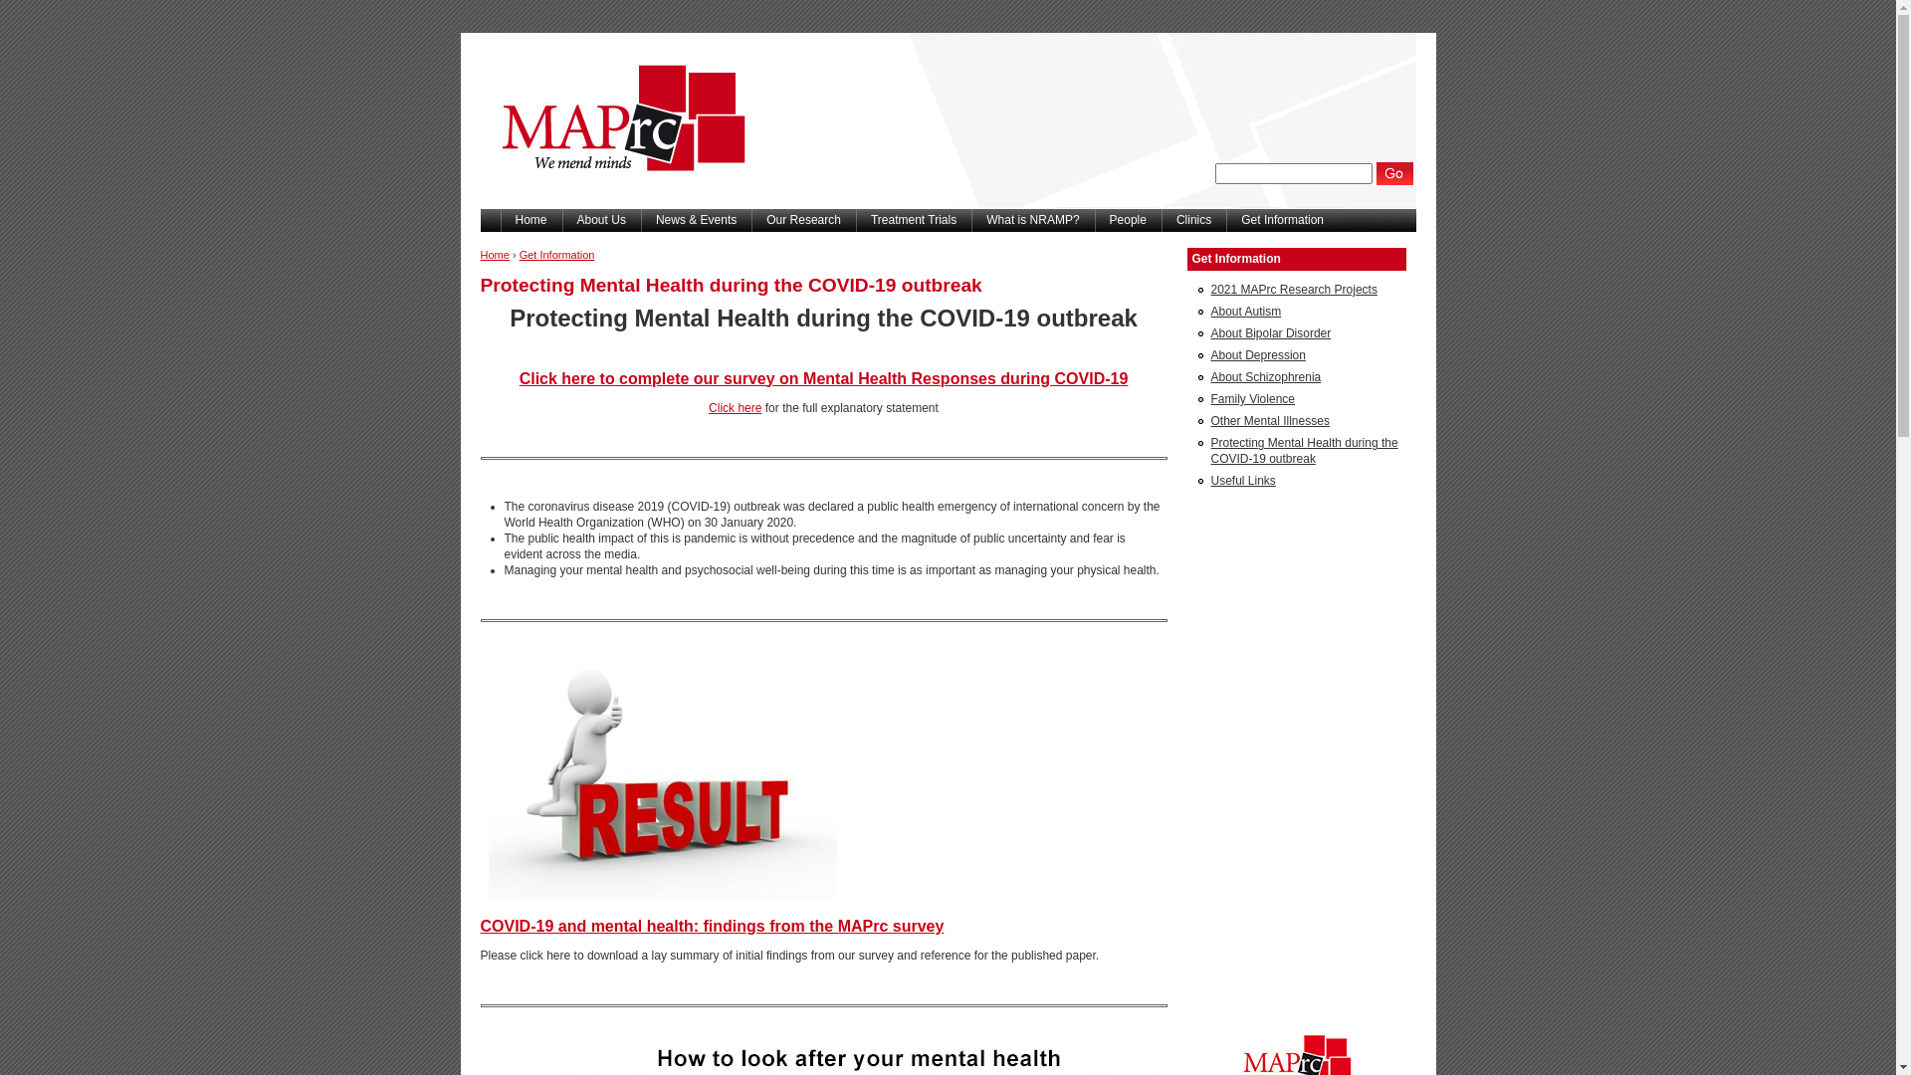  What do you see at coordinates (1241, 480) in the screenshot?
I see `'Useful Links'` at bounding box center [1241, 480].